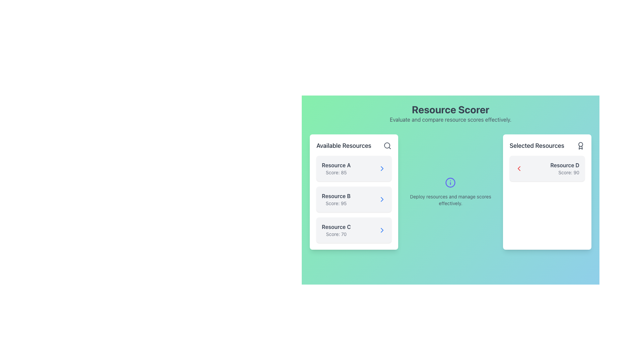 The image size is (643, 362). What do you see at coordinates (547, 168) in the screenshot?
I see `the textual area of the Composite component displaying 'Resource D' and 'Score: 90'` at bounding box center [547, 168].